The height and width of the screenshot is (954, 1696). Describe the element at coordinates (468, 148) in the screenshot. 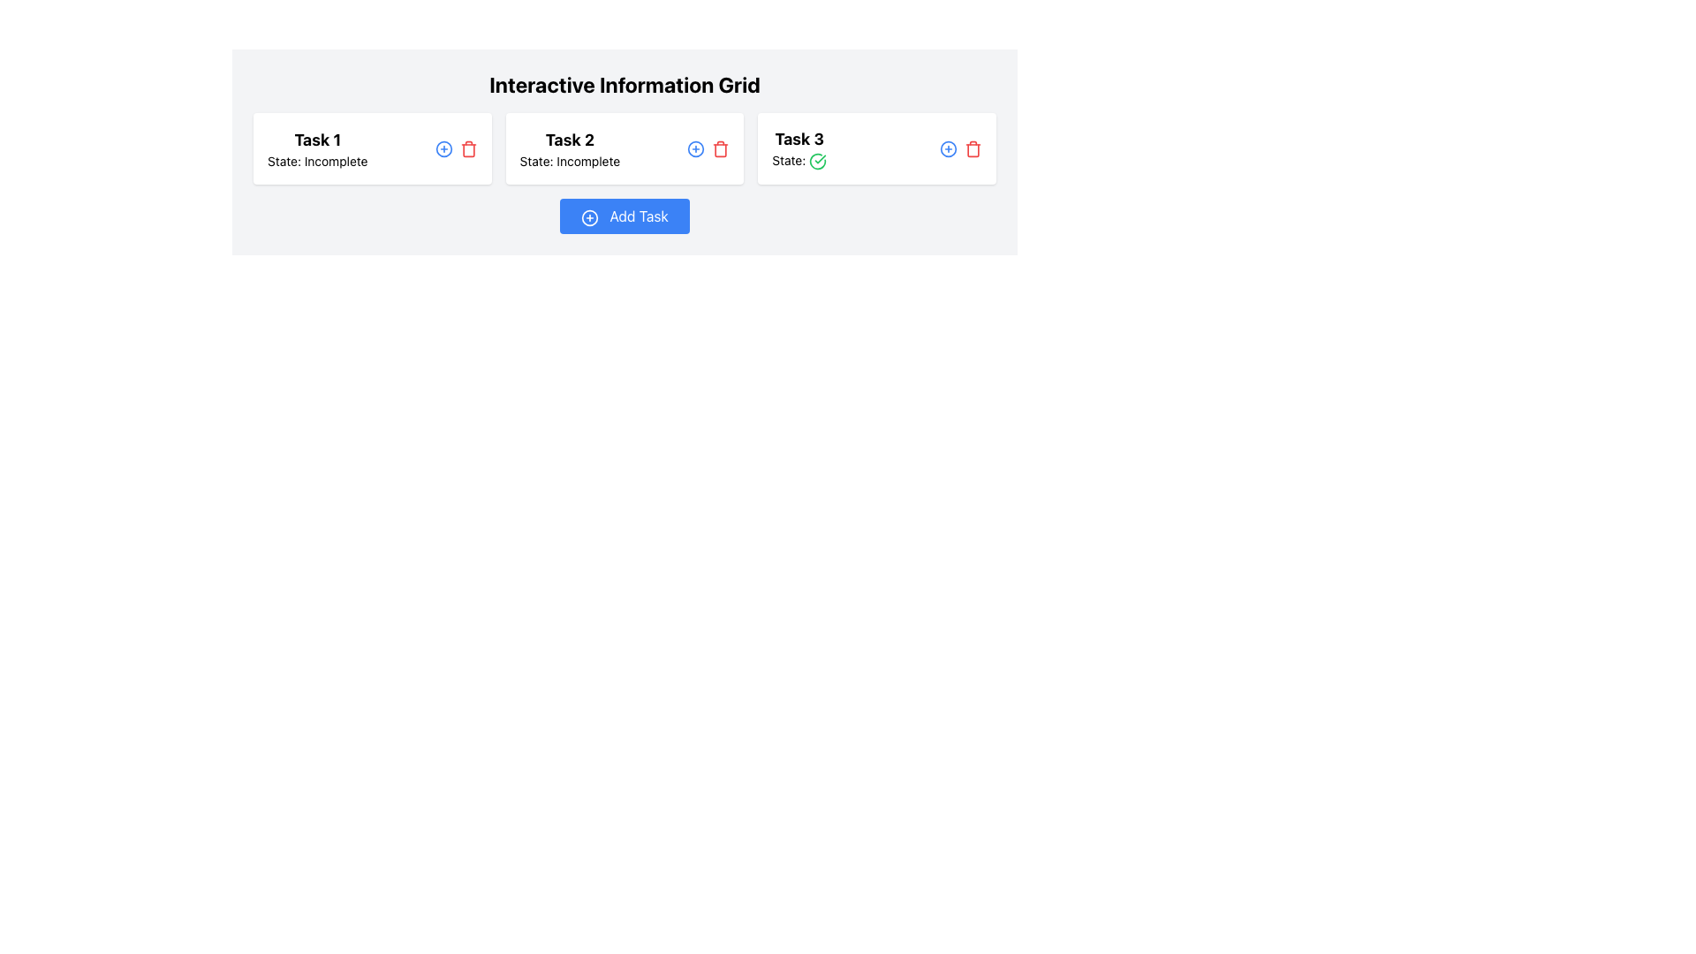

I see `the red trash icon button located on the far right side of the control set associated with 'Task 1'` at that location.